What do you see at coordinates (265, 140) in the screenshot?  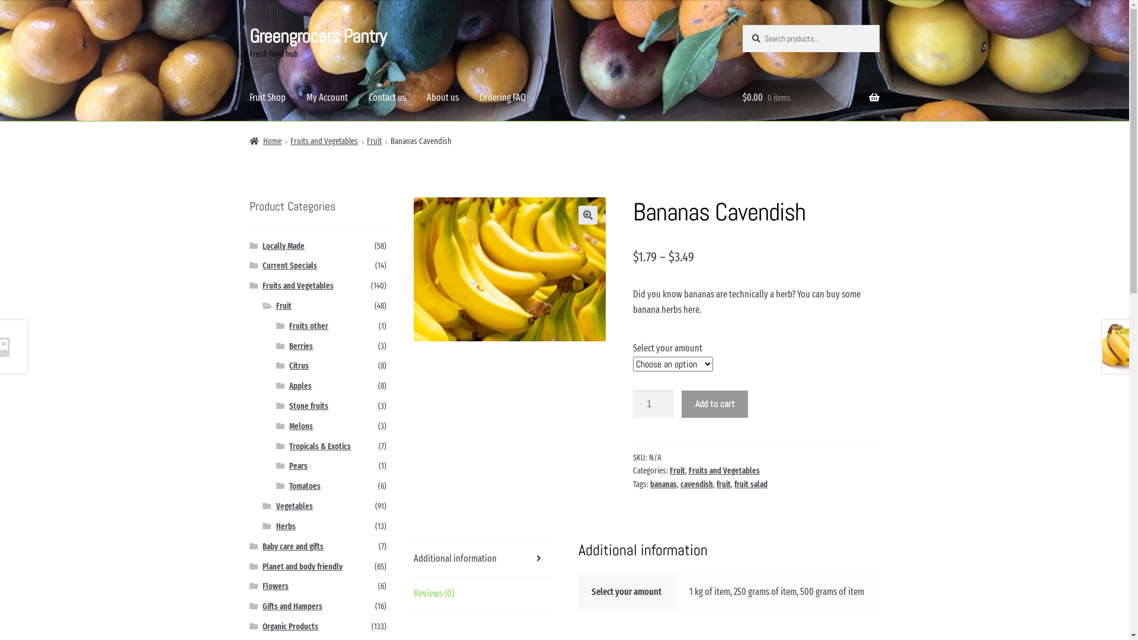 I see `'Home'` at bounding box center [265, 140].